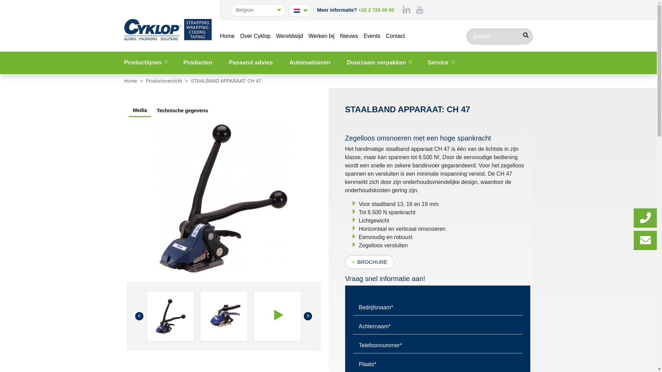 Image resolution: width=662 pixels, height=372 pixels. What do you see at coordinates (307, 316) in the screenshot?
I see `'Next'` at bounding box center [307, 316].